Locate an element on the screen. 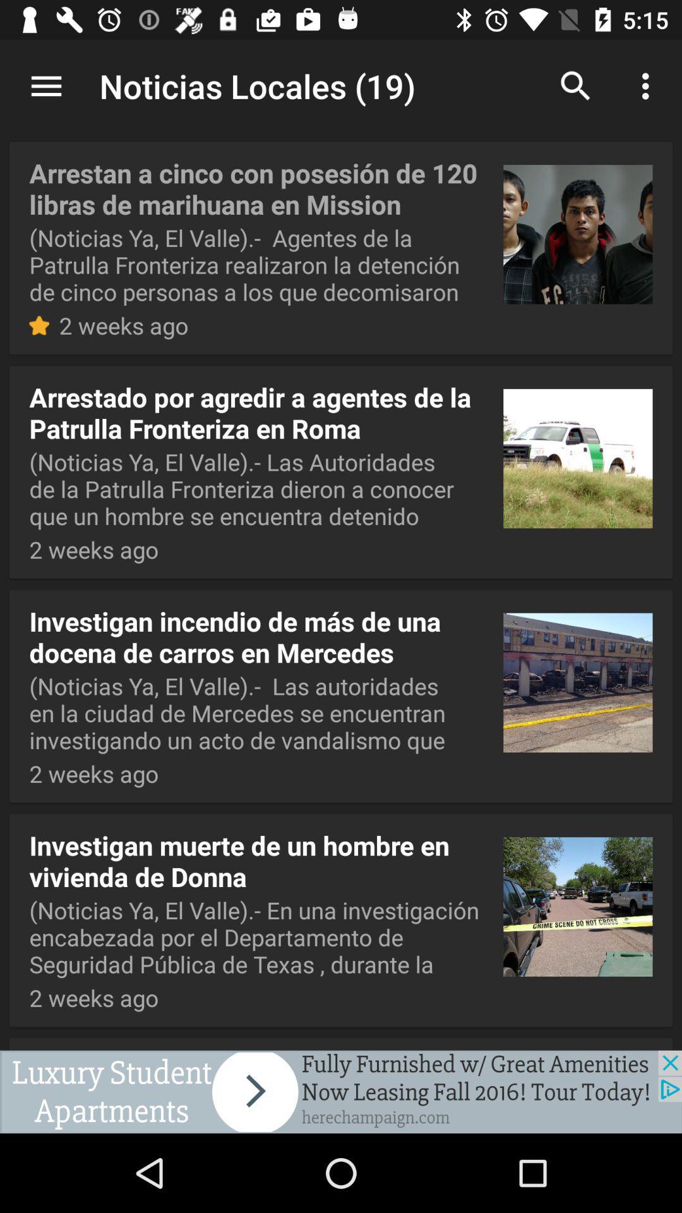  advertisement is located at coordinates (341, 1091).